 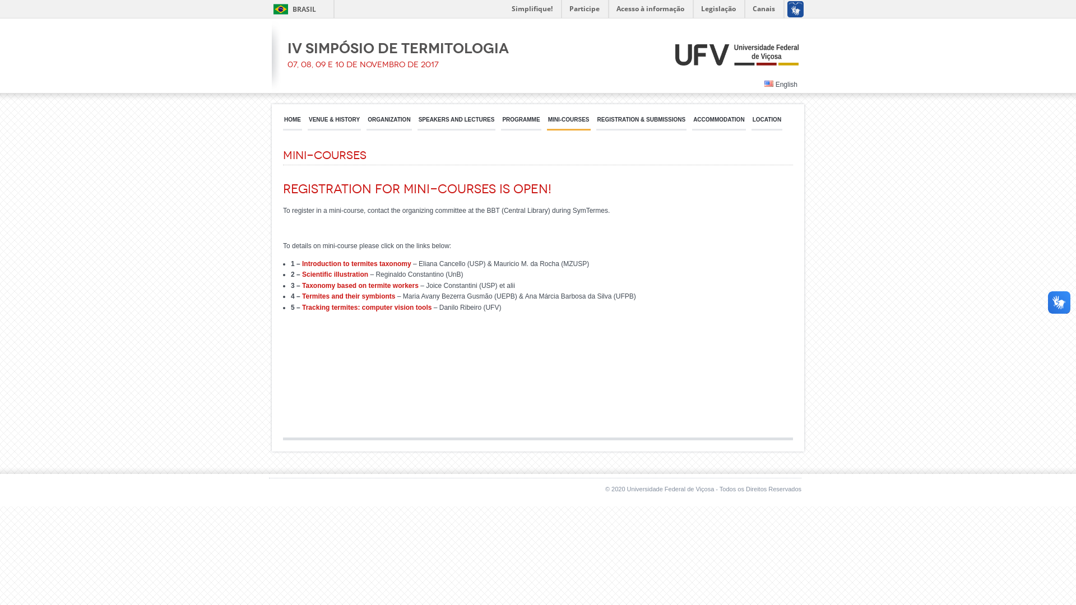 I want to click on 'Tracking termites: computer vision tools', so click(x=367, y=307).